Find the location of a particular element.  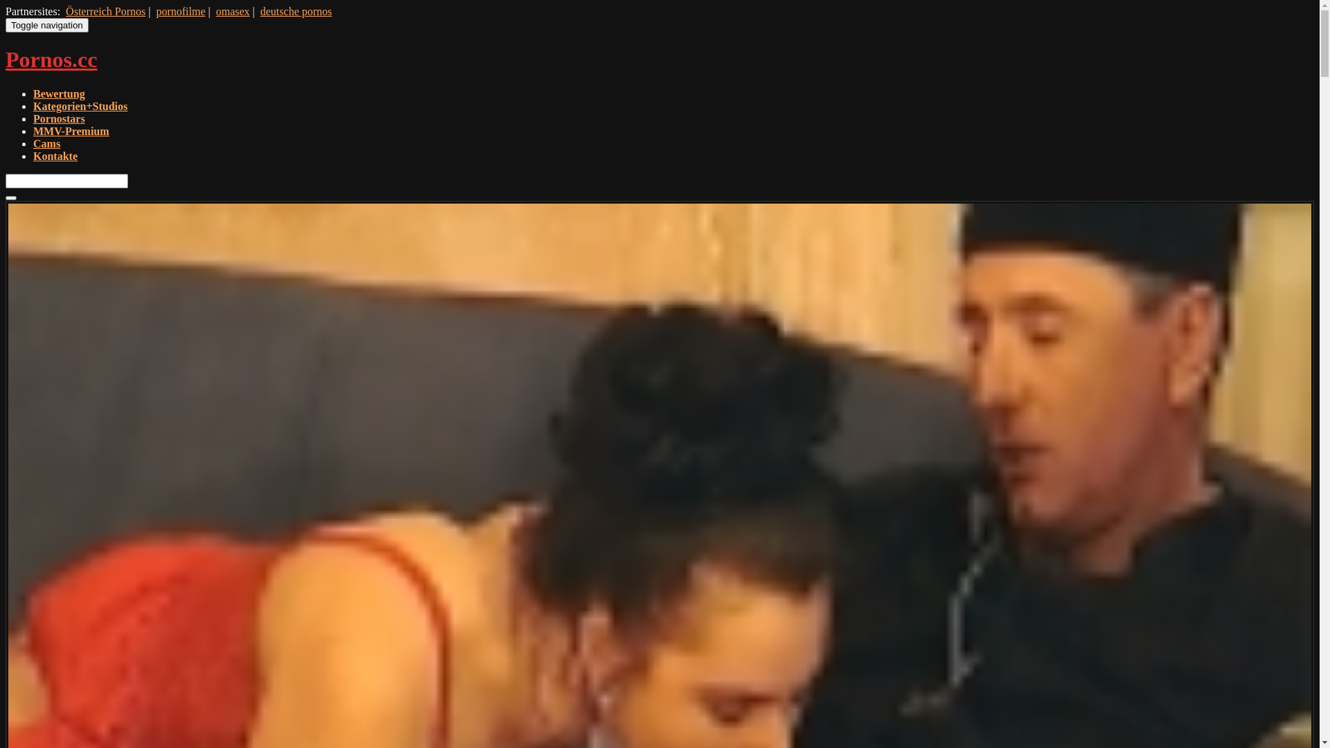

'omasex' is located at coordinates (215, 11).